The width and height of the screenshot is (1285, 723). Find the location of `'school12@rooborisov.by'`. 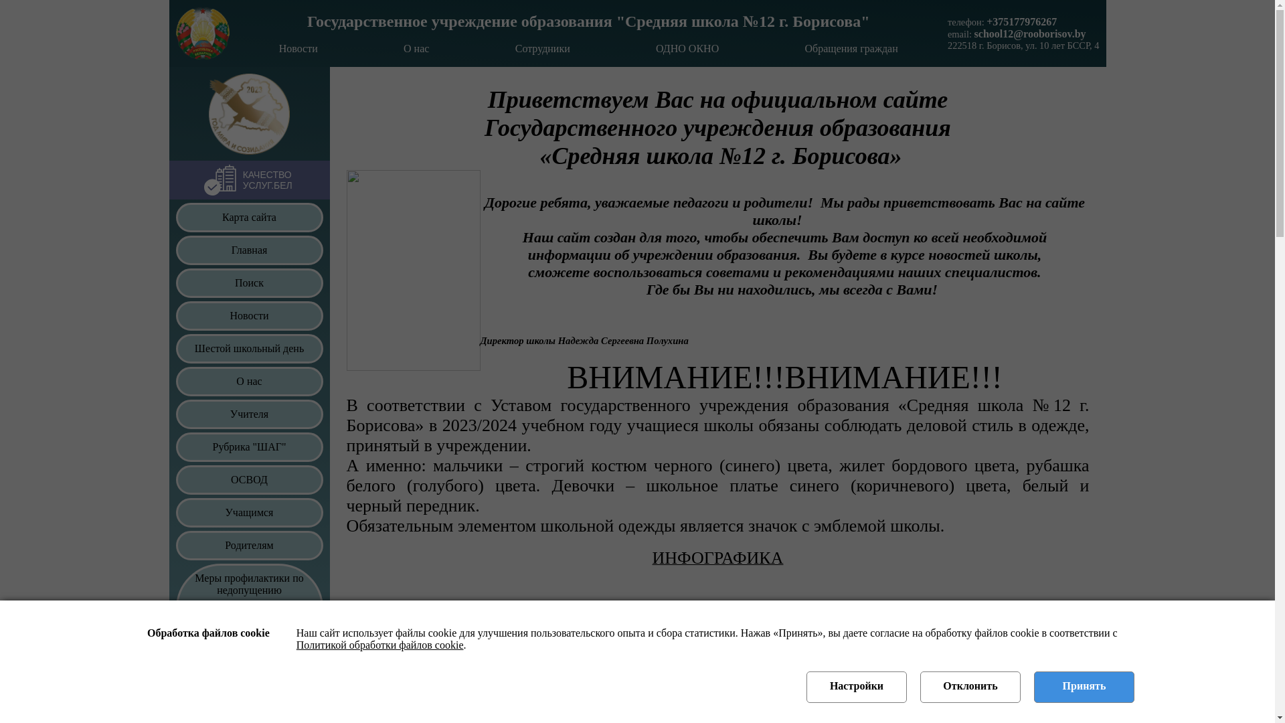

'school12@rooborisov.by' is located at coordinates (1029, 33).